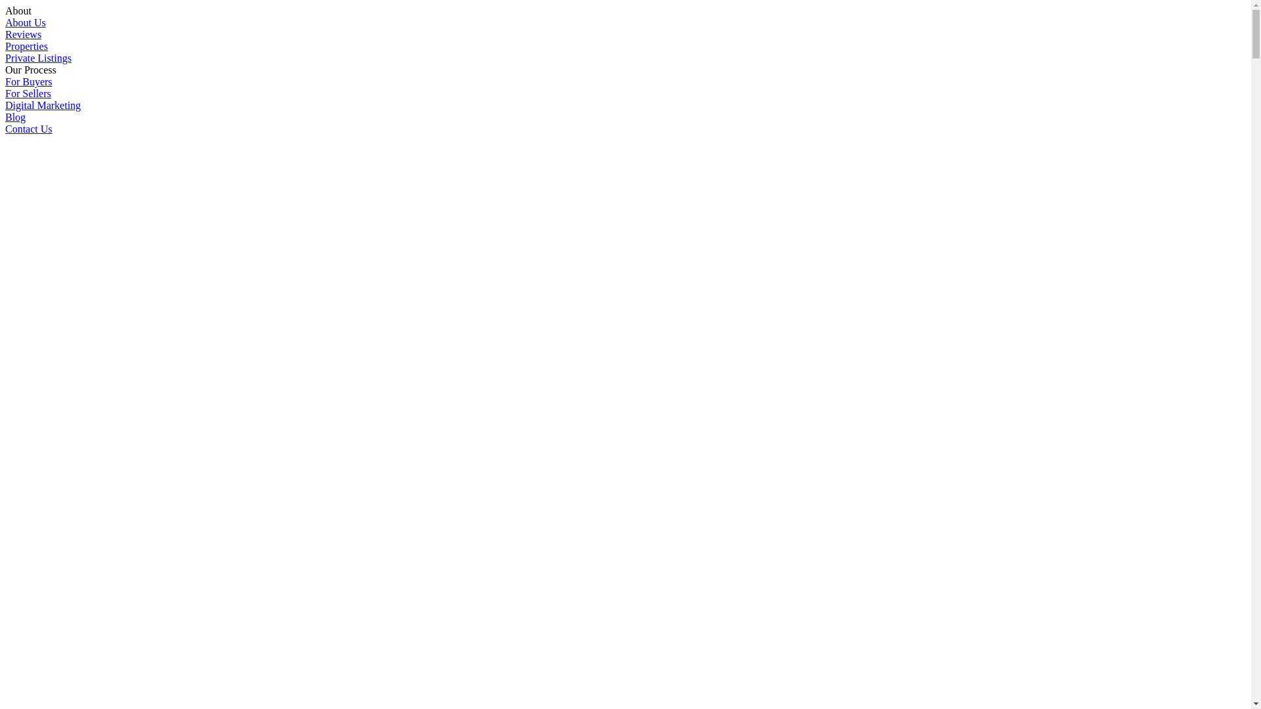 The height and width of the screenshot is (709, 1261). What do you see at coordinates (28, 93) in the screenshot?
I see `'For Sellers'` at bounding box center [28, 93].